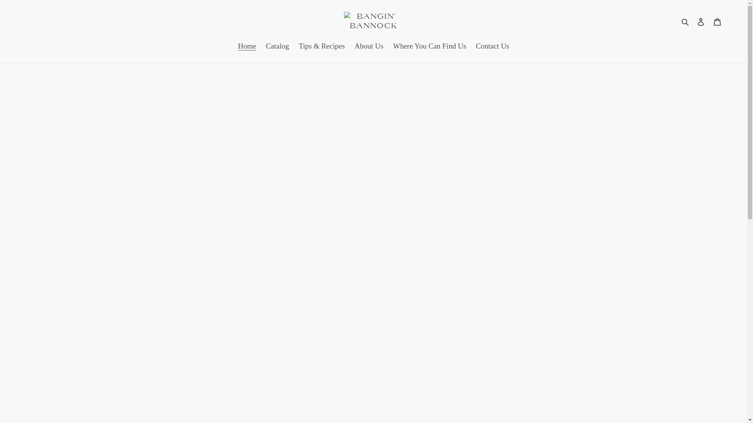  Describe the element at coordinates (709, 21) in the screenshot. I see `'Cart'` at that location.